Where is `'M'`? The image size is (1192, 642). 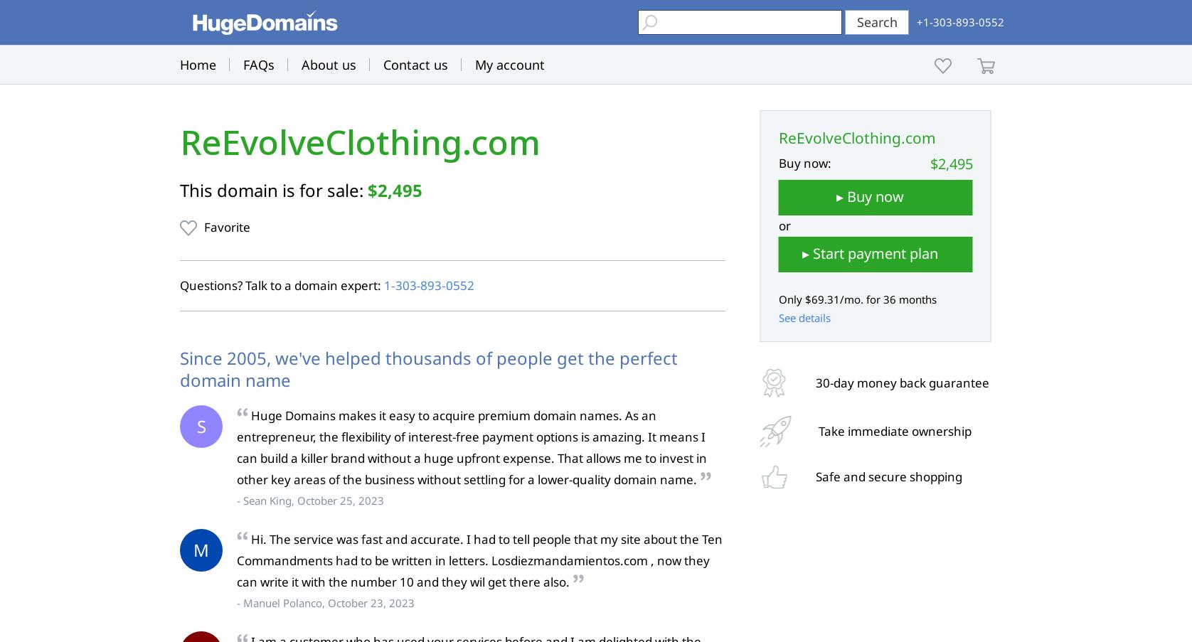 'M' is located at coordinates (201, 550).